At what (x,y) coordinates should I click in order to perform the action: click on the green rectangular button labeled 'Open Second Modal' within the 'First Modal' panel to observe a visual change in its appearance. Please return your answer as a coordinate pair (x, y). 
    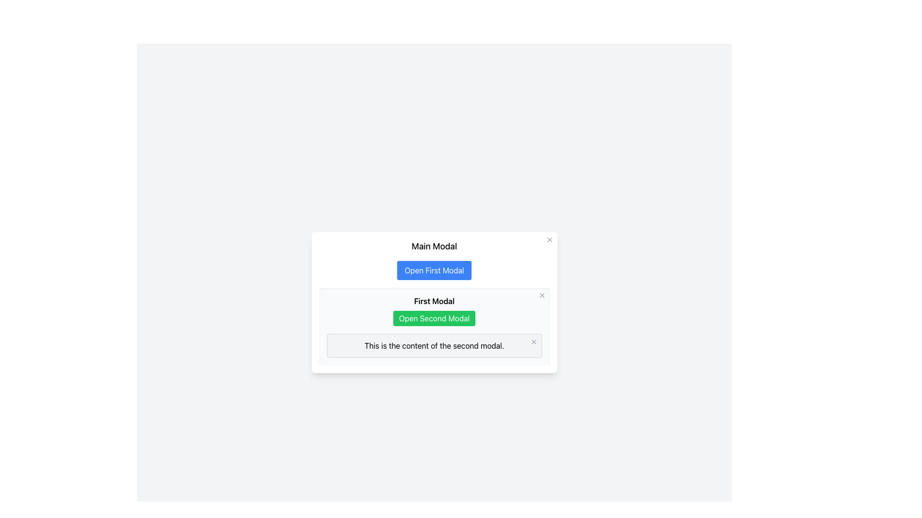
    Looking at the image, I should click on (434, 318).